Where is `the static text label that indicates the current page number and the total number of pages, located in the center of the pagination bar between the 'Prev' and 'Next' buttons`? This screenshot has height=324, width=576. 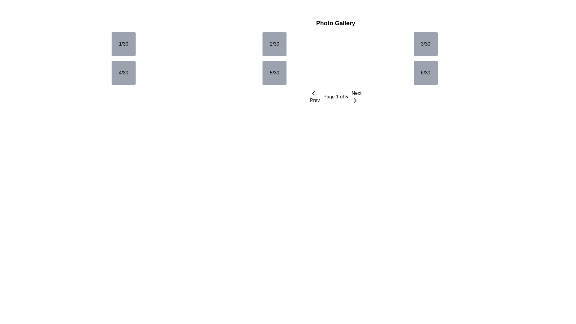
the static text label that indicates the current page number and the total number of pages, located in the center of the pagination bar between the 'Prev' and 'Next' buttons is located at coordinates (335, 97).